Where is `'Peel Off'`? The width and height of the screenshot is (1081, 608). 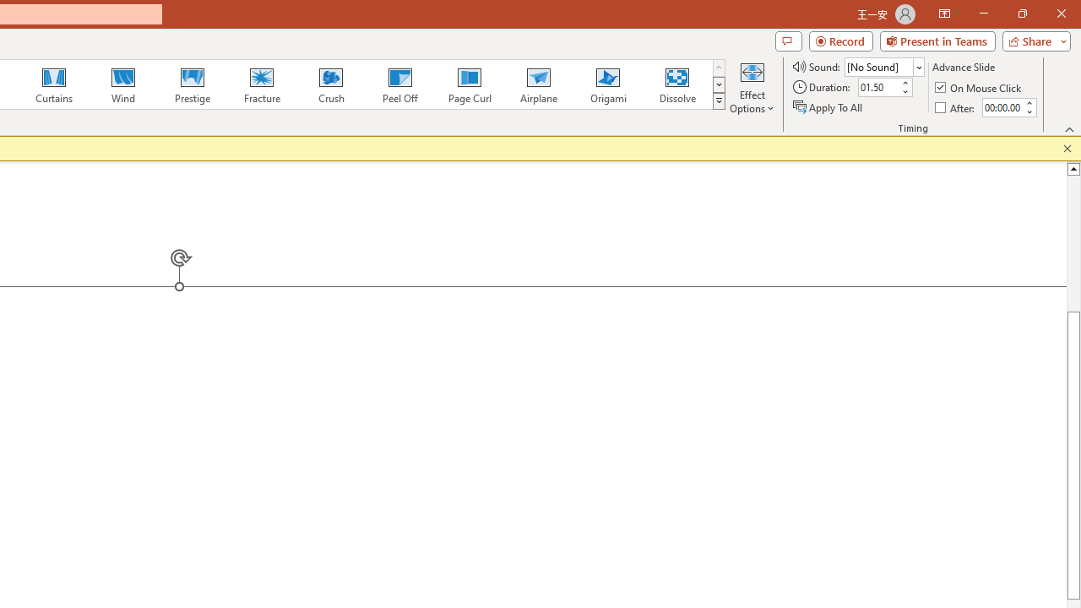
'Peel Off' is located at coordinates (399, 84).